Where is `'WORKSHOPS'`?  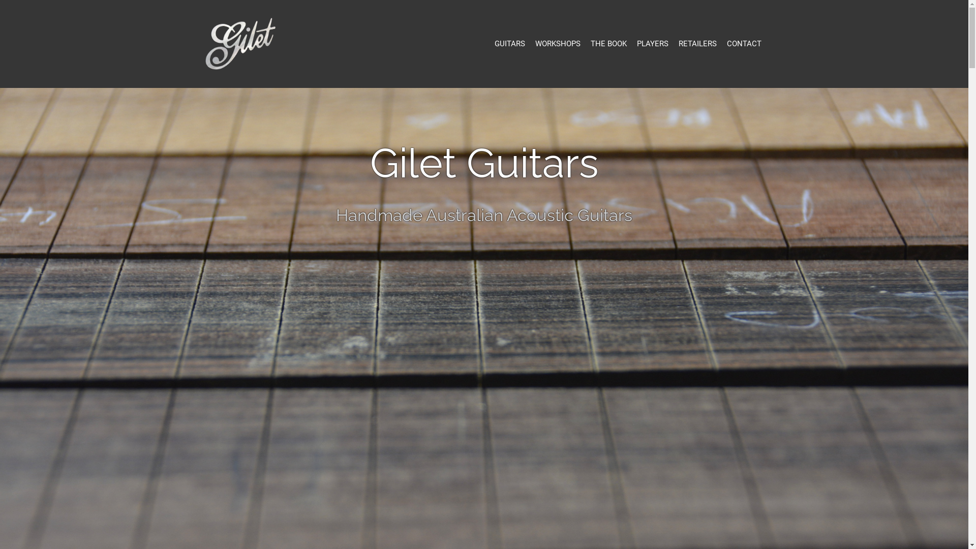 'WORKSHOPS' is located at coordinates (557, 43).